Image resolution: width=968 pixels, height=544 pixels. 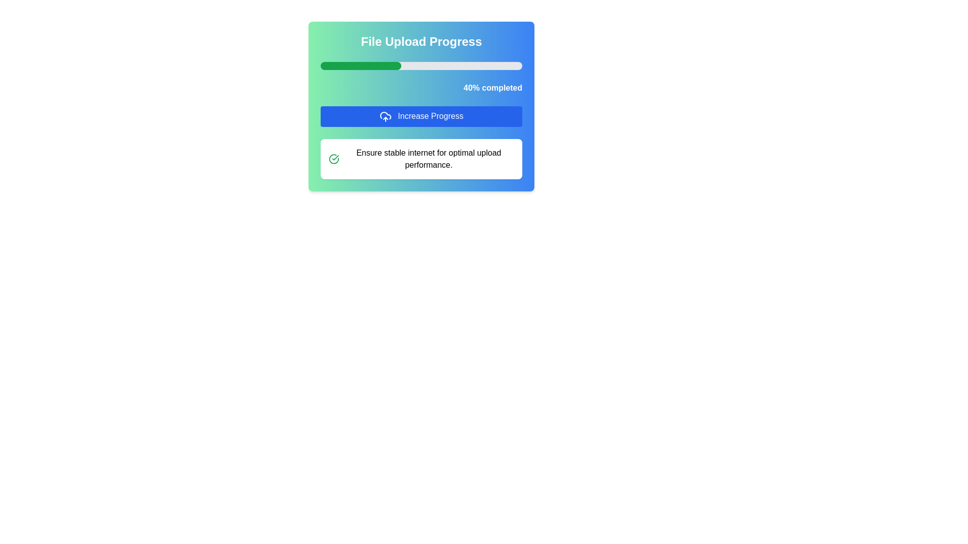 I want to click on the 'Increase Progress' button located below the progress bar, so click(x=421, y=106).